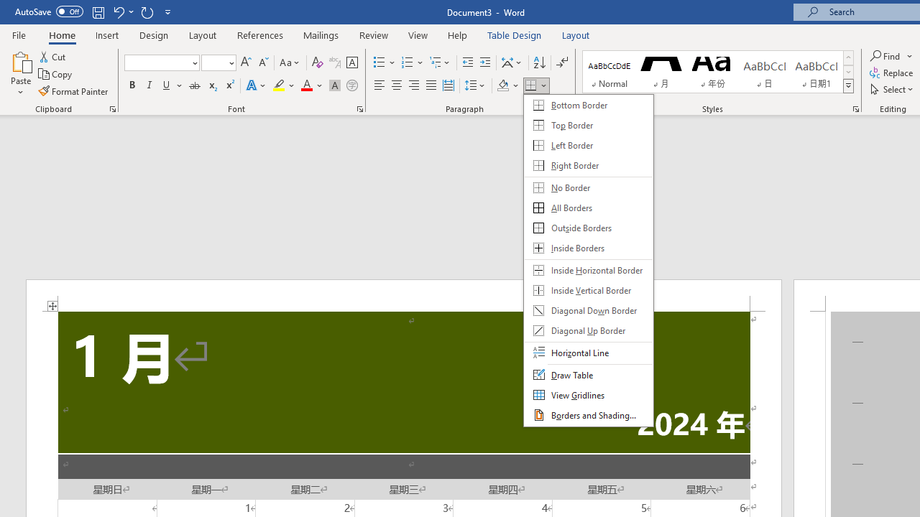  I want to click on '&Borders', so click(589, 260).